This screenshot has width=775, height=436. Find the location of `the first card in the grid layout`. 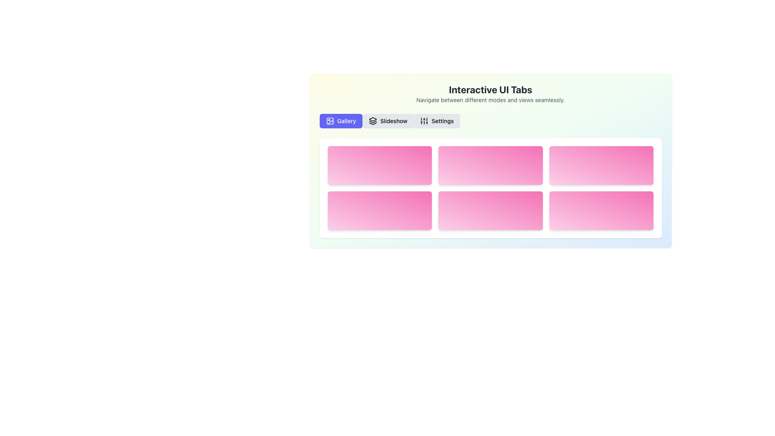

the first card in the grid layout is located at coordinates (379, 165).